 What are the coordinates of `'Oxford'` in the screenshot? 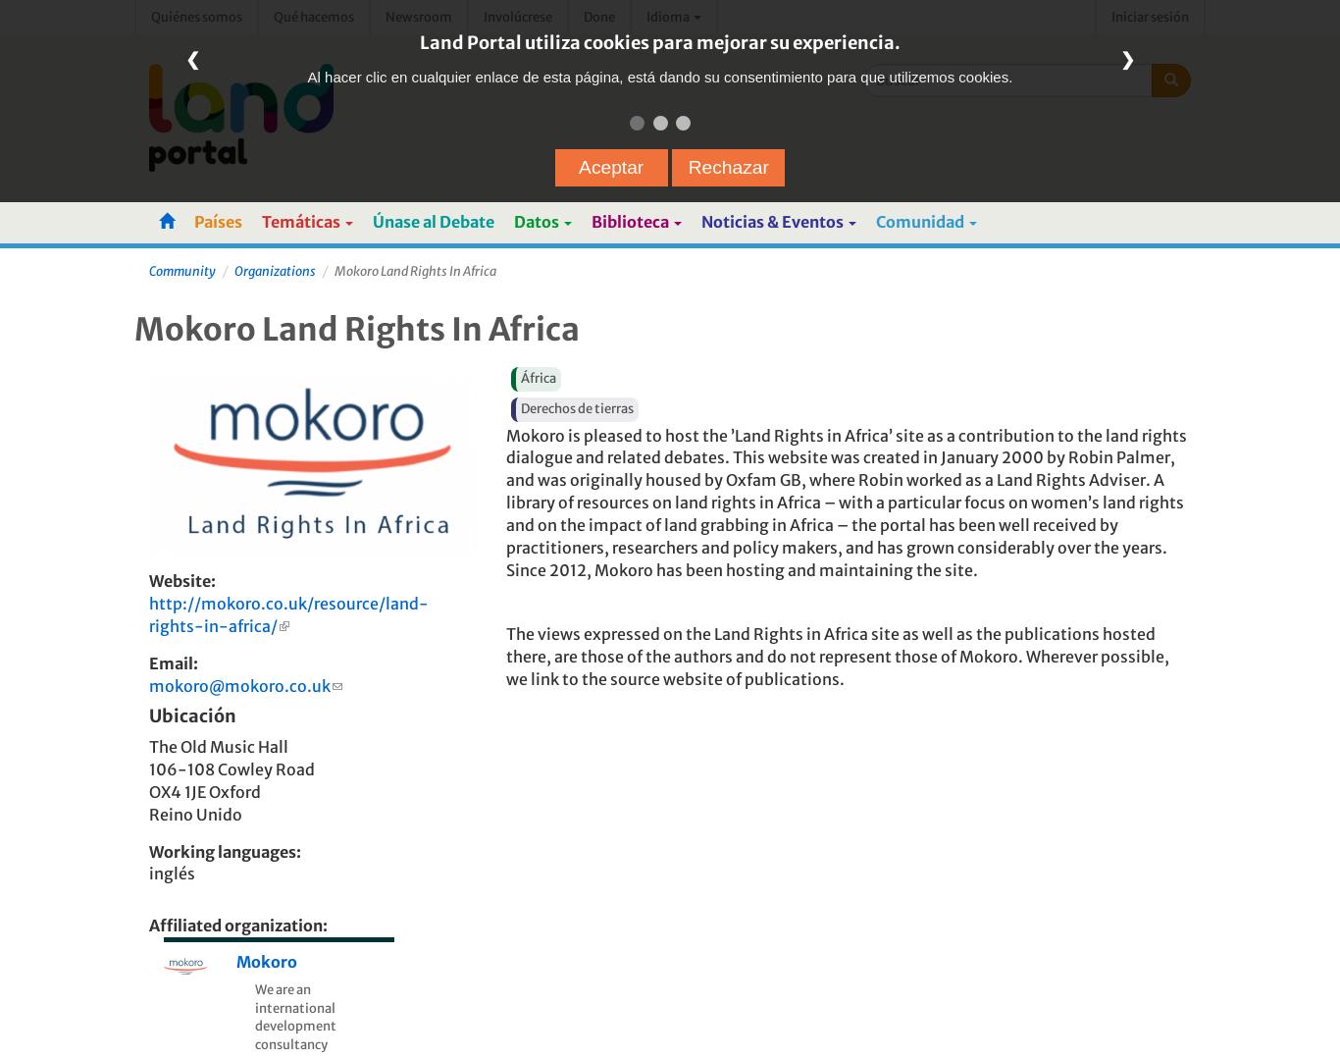 It's located at (233, 790).